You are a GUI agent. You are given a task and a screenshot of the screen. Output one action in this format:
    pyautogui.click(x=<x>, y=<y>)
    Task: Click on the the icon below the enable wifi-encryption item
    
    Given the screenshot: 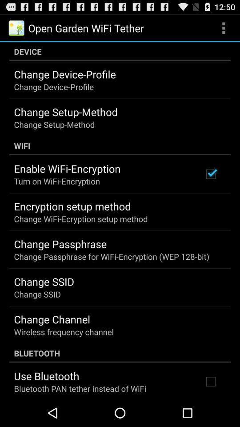 What is the action you would take?
    pyautogui.click(x=57, y=181)
    